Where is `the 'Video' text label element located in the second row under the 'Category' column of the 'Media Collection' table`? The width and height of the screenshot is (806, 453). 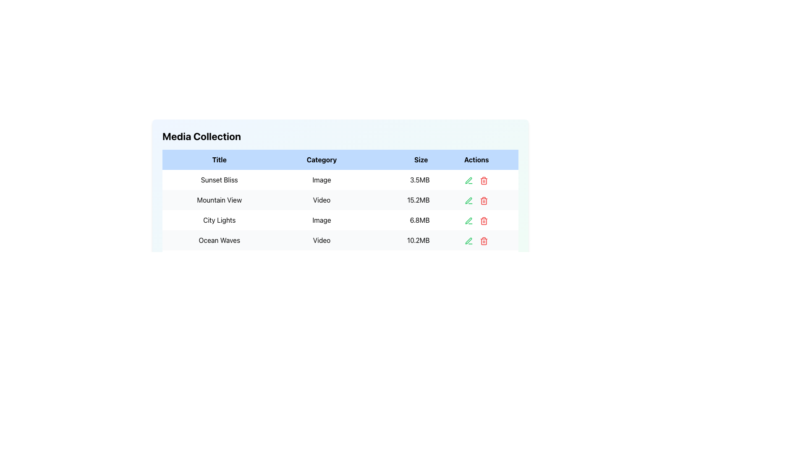
the 'Video' text label element located in the second row under the 'Category' column of the 'Media Collection' table is located at coordinates (321, 200).